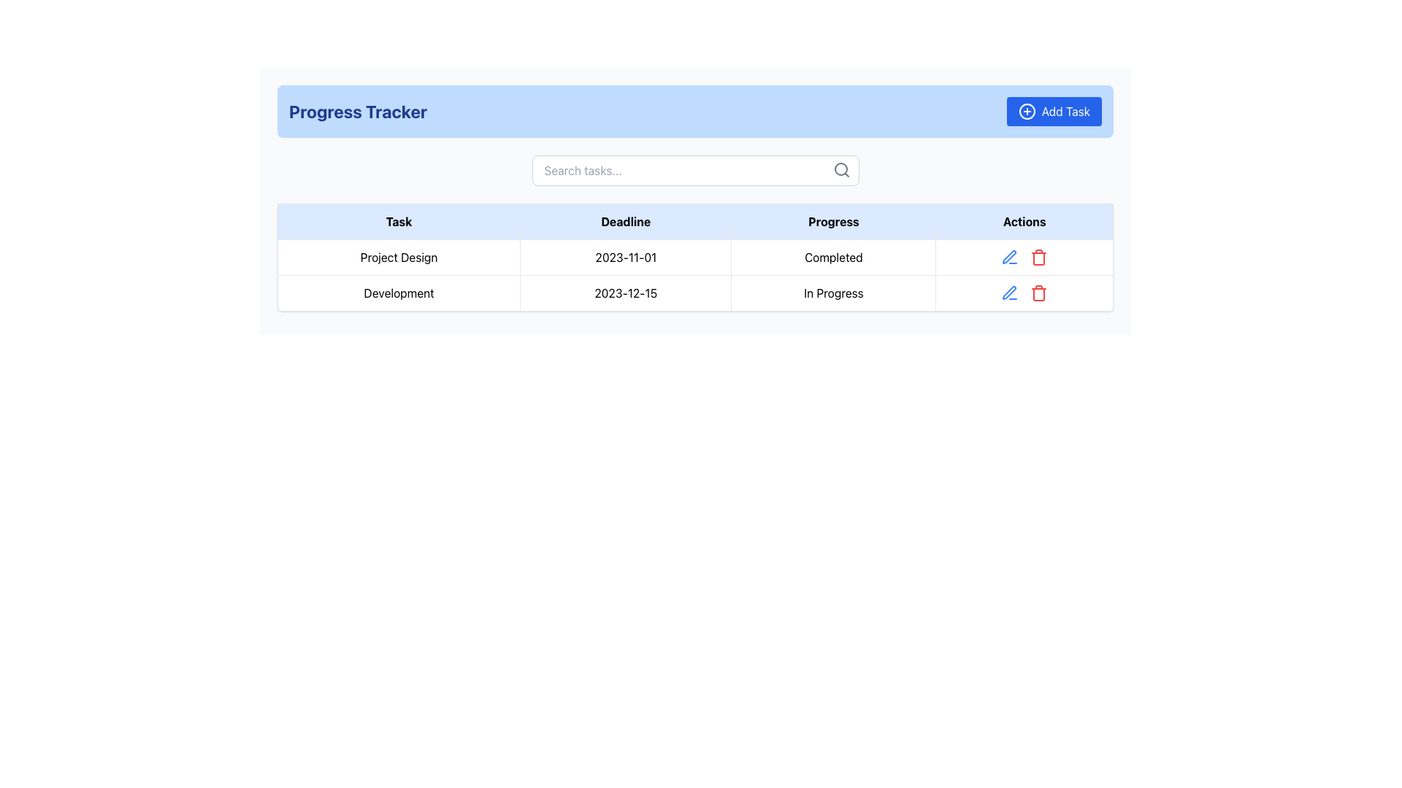 This screenshot has height=788, width=1402. Describe the element at coordinates (1008, 256) in the screenshot. I see `the edit pen icon located in the 'Actions' column of the second row in the table corresponding to the task 'Development'` at that location.